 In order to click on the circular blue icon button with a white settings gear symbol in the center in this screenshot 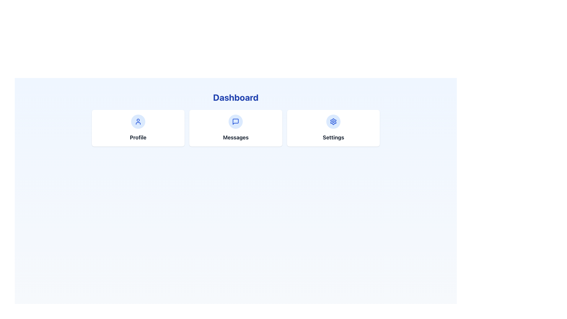, I will do `click(333, 121)`.